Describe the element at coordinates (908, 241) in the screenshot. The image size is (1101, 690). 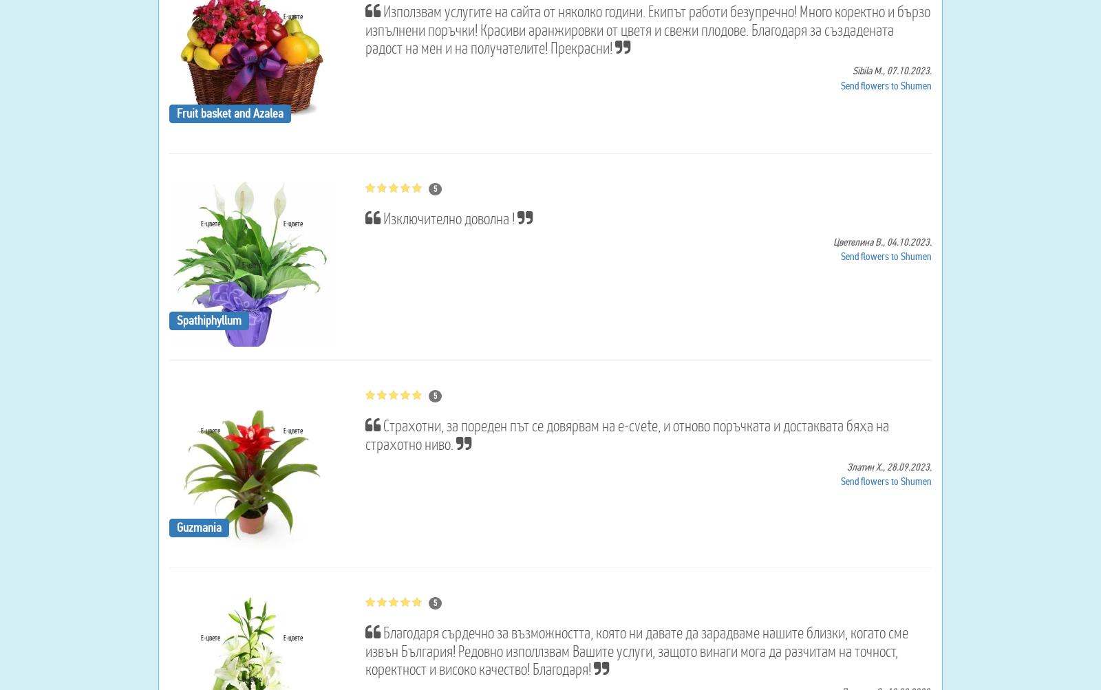
I see `'04.10.2023.'` at that location.